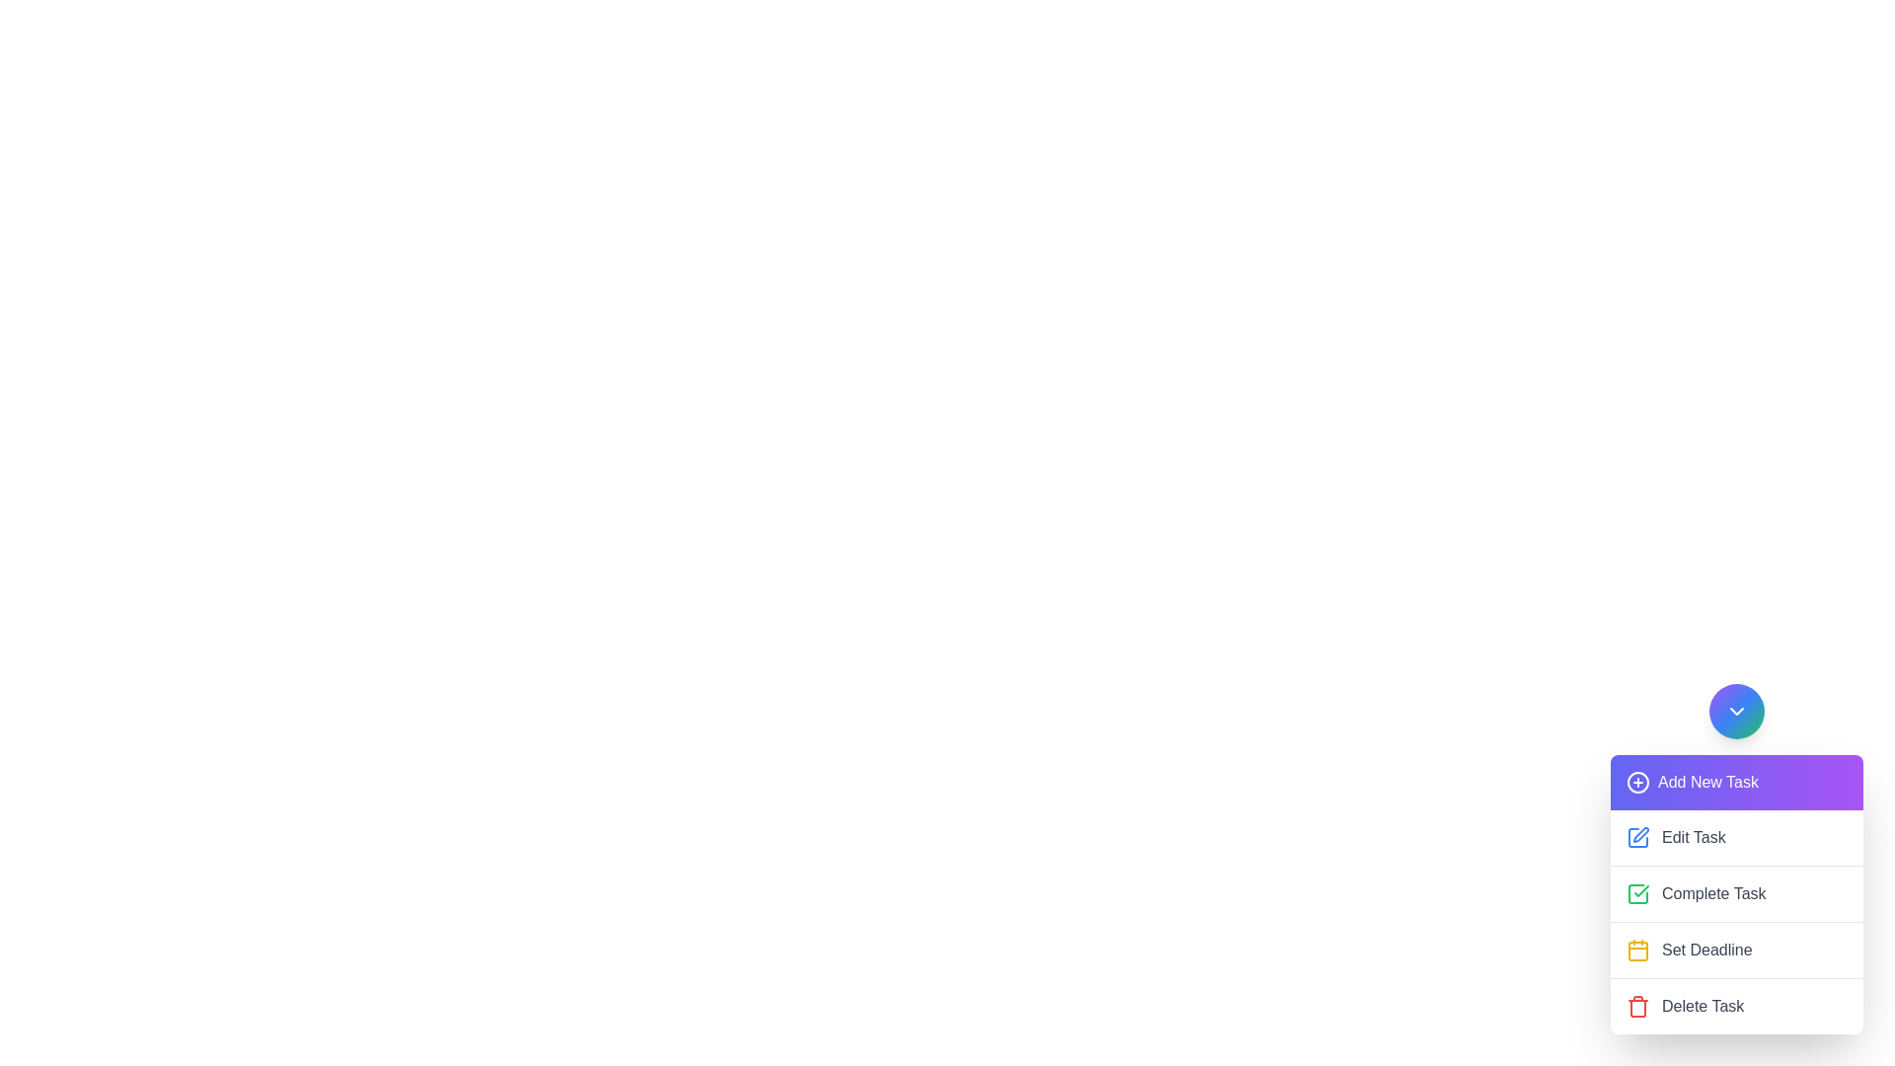  I want to click on the graphic icon of a circle containing a plus sign, located within the purple 'Add New Task' button in the task management interface, so click(1638, 782).